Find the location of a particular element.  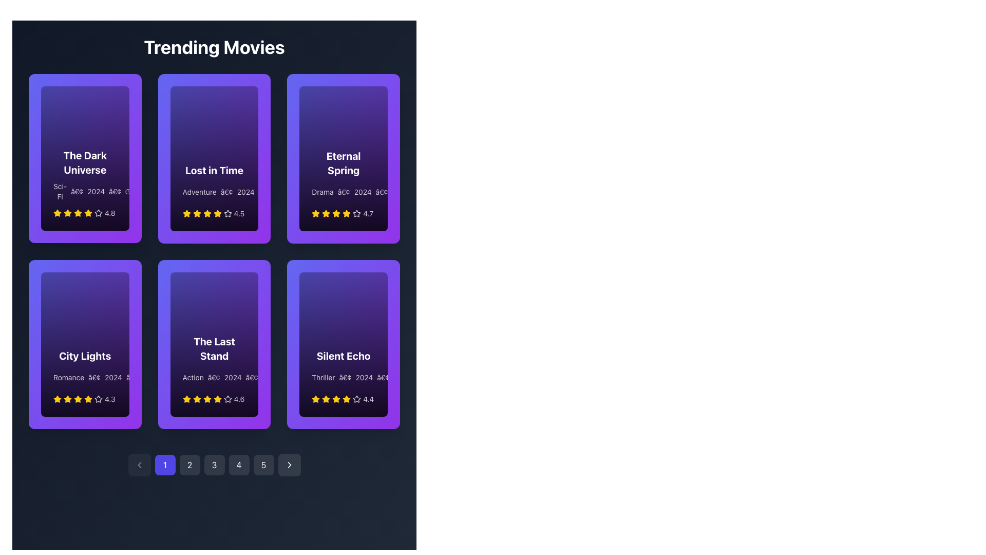

the informational card representing a movie is located at coordinates (85, 344).